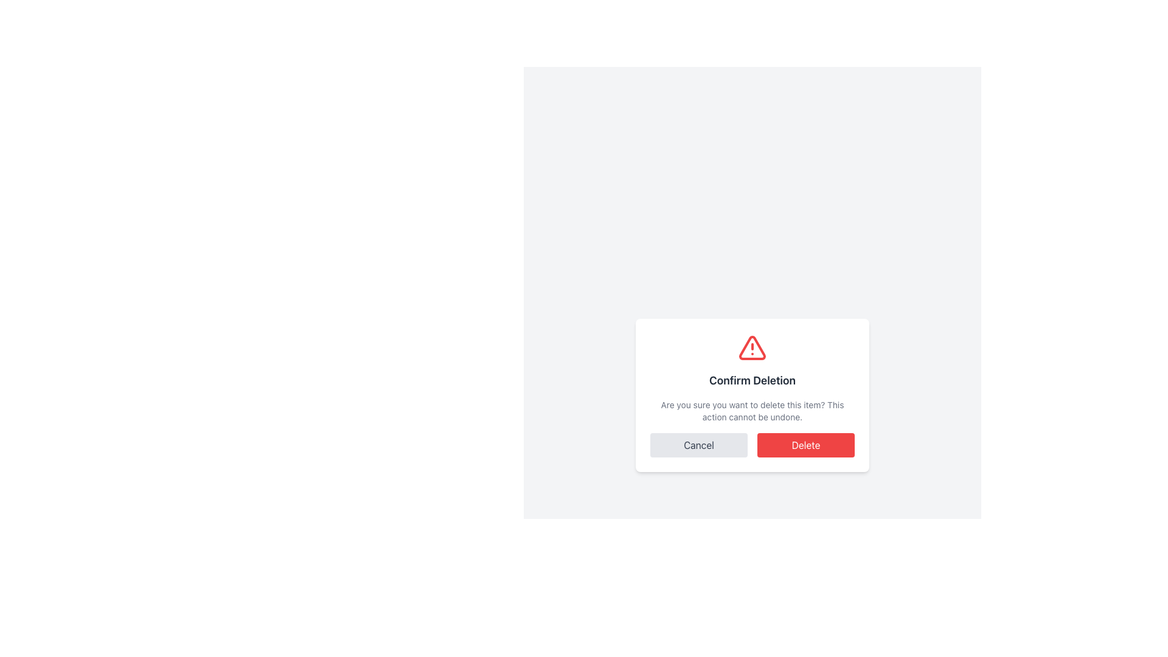 The width and height of the screenshot is (1168, 657). Describe the element at coordinates (805, 445) in the screenshot. I see `the delete button located` at that location.